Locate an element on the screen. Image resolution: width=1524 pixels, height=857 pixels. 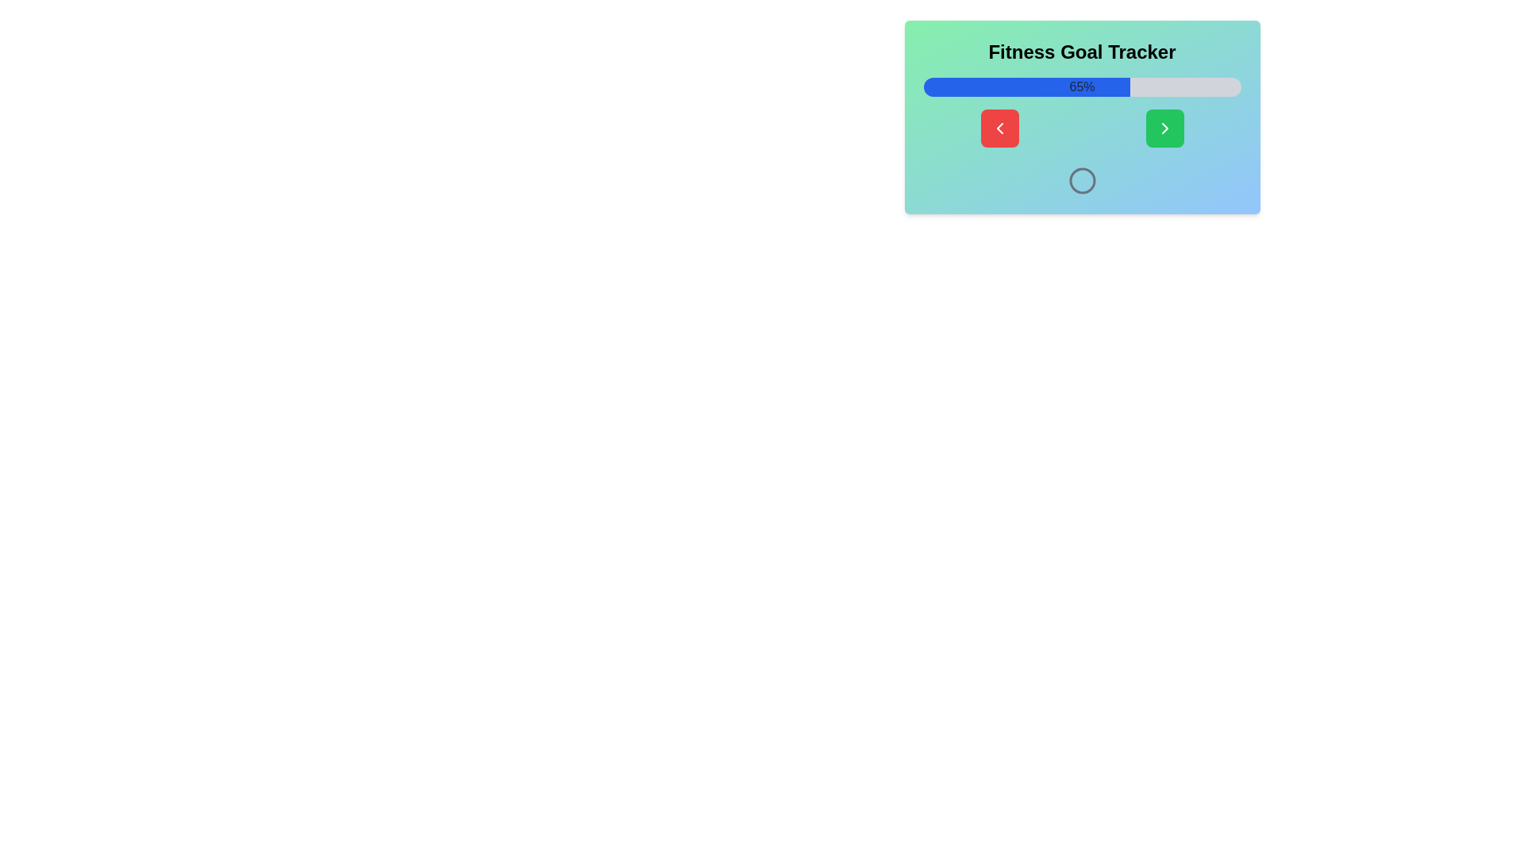
the navigation control icon is located at coordinates (1164, 128).